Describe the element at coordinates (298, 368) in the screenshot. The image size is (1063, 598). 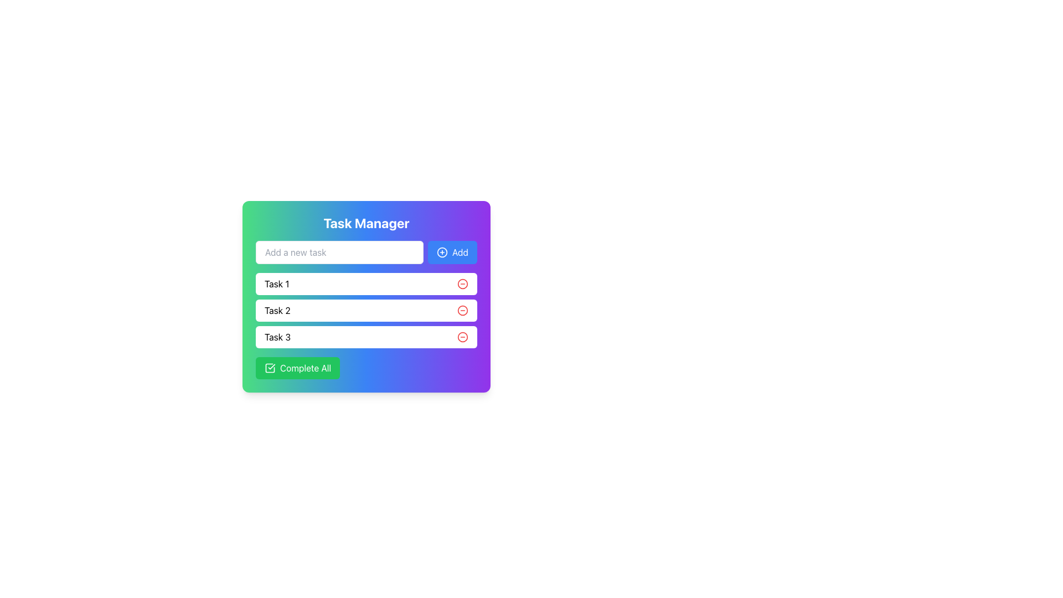
I see `the button at the bottom of the task manager interface to mark all listed tasks as complete` at that location.